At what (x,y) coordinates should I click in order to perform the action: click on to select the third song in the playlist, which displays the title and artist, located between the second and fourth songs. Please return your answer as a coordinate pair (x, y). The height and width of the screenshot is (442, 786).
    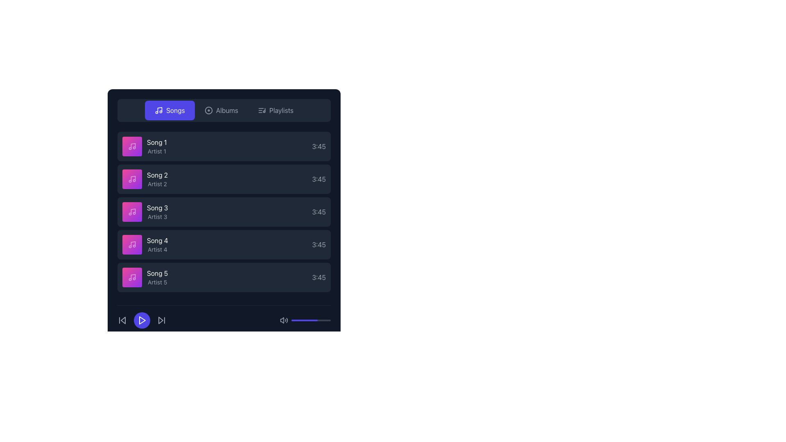
    Looking at the image, I should click on (157, 211).